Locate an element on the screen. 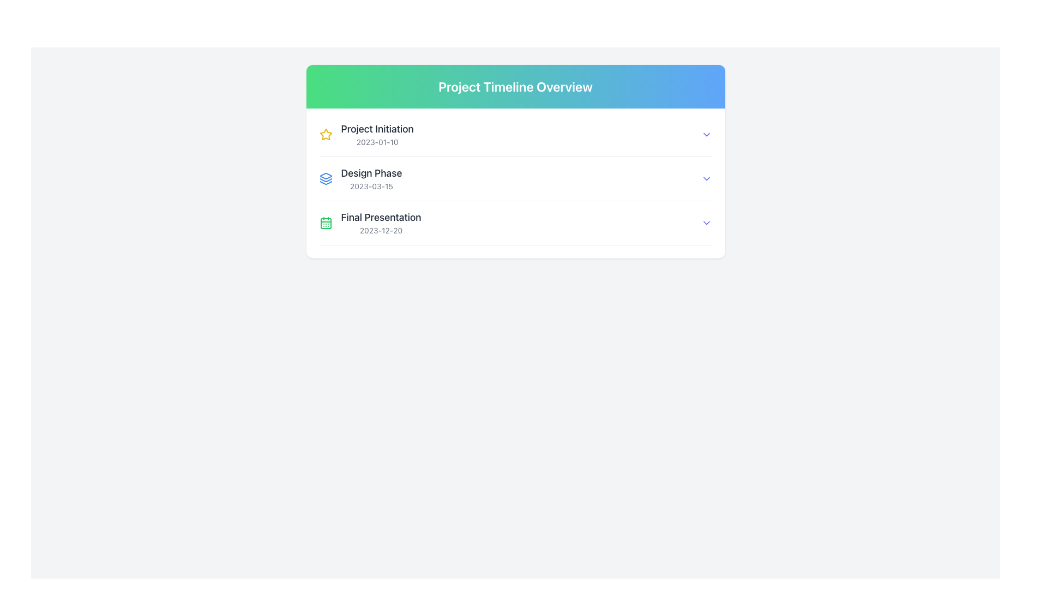  the List Item with Icon and Text element for 'Final Presentation' located is located at coordinates (370, 222).